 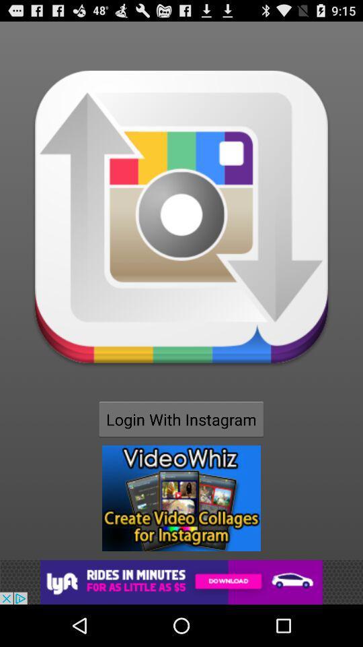 What do you see at coordinates (182, 497) in the screenshot?
I see `open advertisement` at bounding box center [182, 497].